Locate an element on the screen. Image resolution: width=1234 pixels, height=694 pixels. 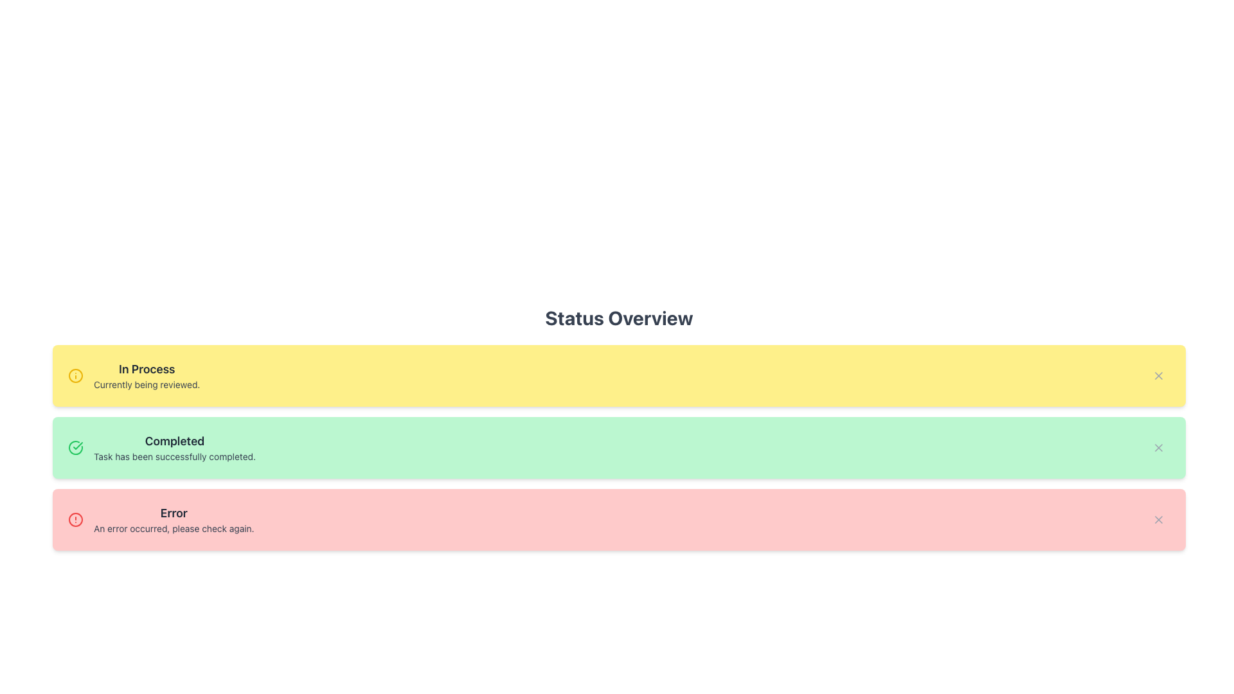
the close button located at the top-right corner of the yellow notification card labeled 'In Process' to change its color is located at coordinates (1159, 376).